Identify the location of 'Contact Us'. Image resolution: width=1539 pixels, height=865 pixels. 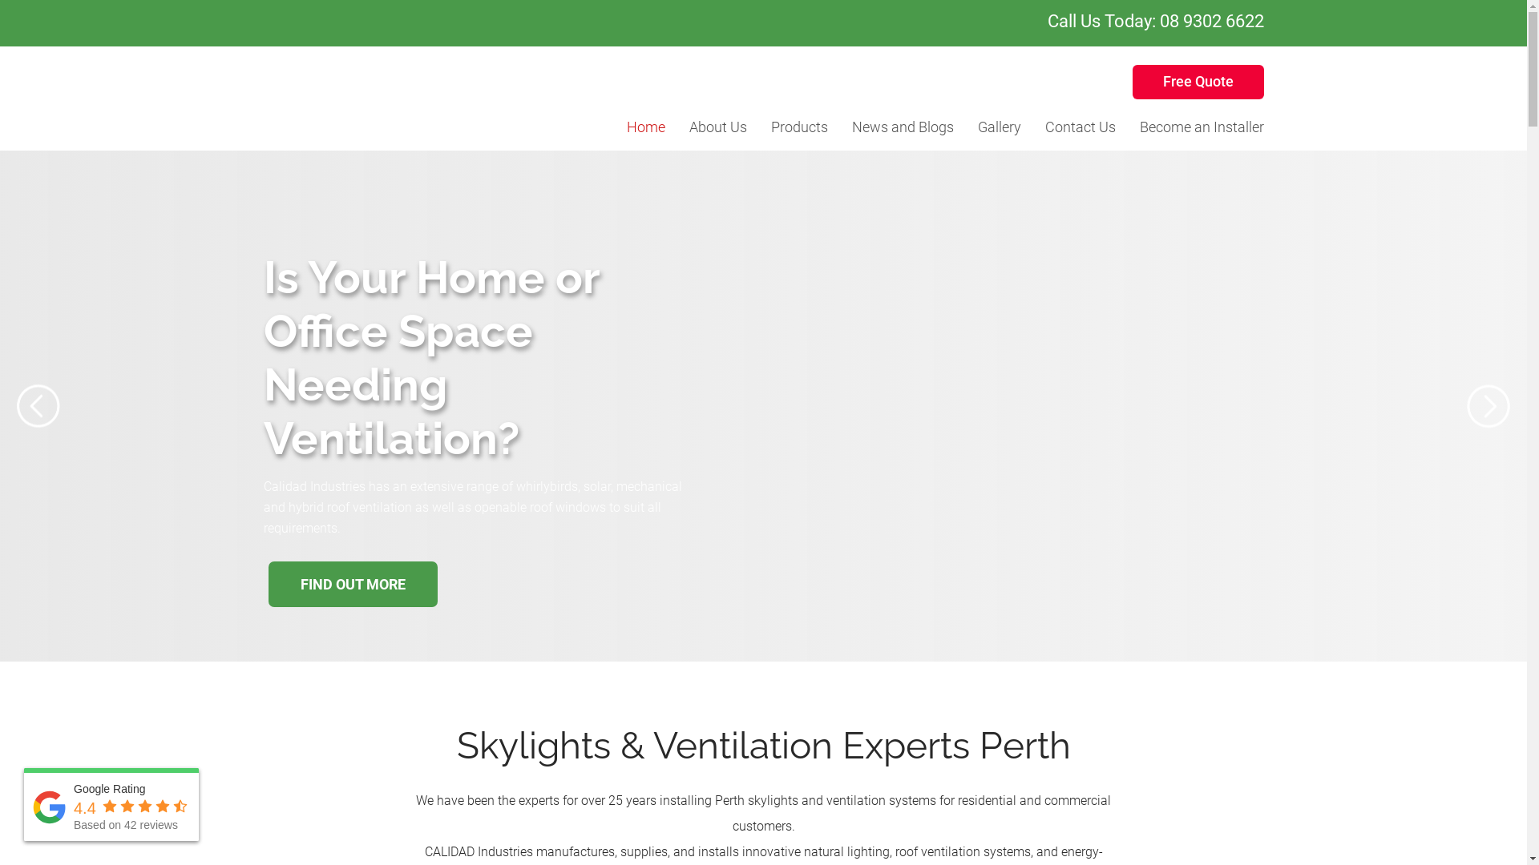
(1081, 126).